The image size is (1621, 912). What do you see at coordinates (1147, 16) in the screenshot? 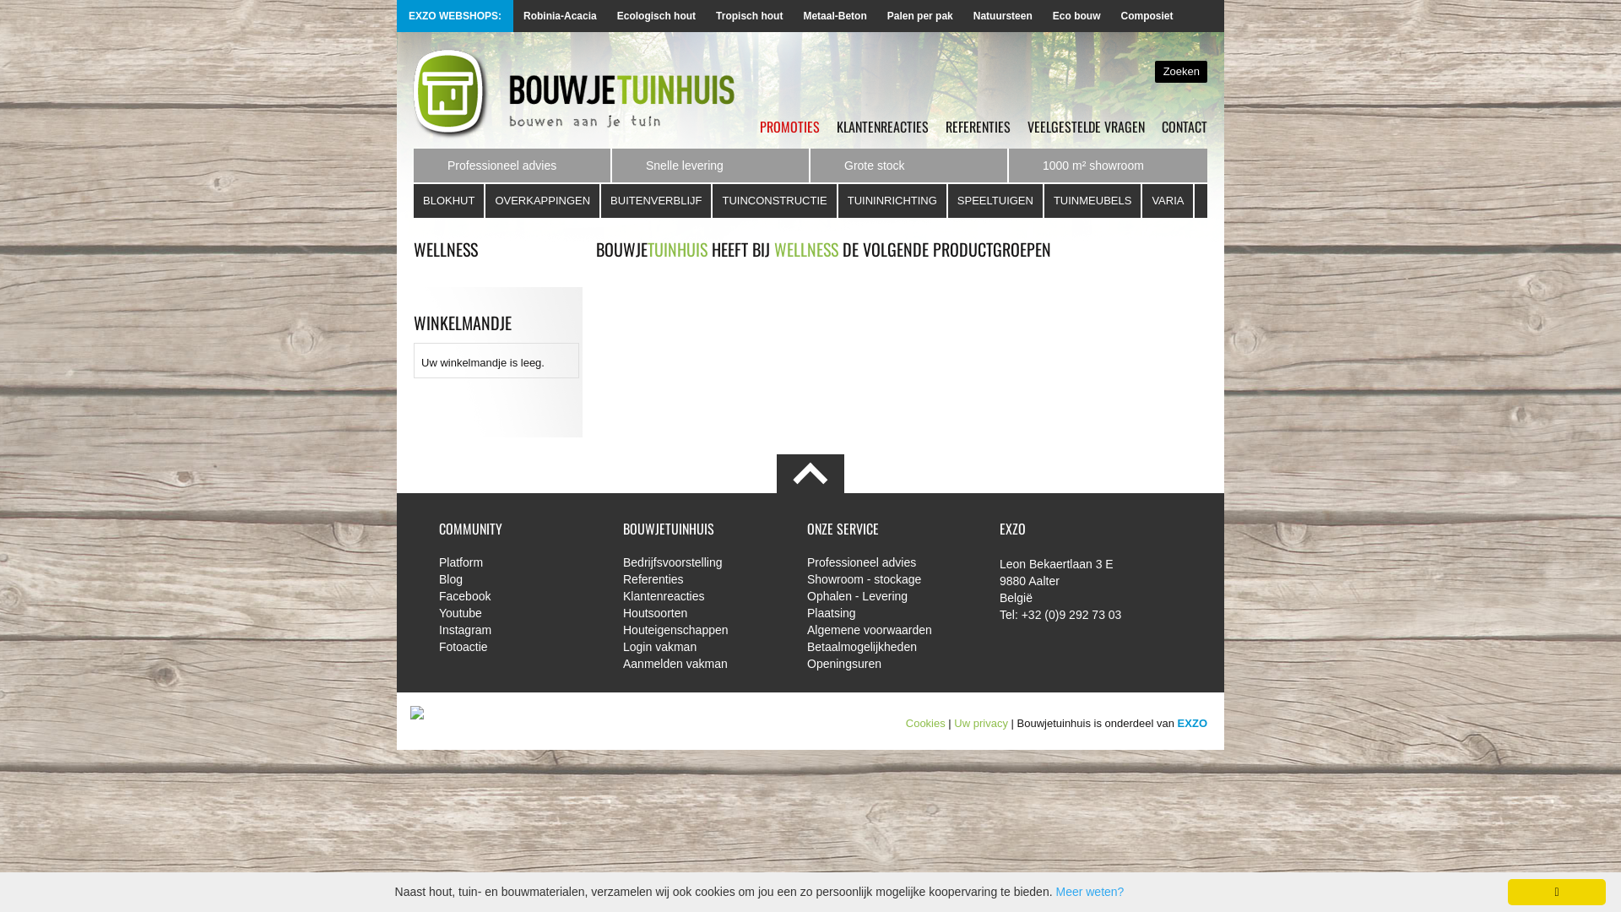
I see `'Composiet'` at bounding box center [1147, 16].